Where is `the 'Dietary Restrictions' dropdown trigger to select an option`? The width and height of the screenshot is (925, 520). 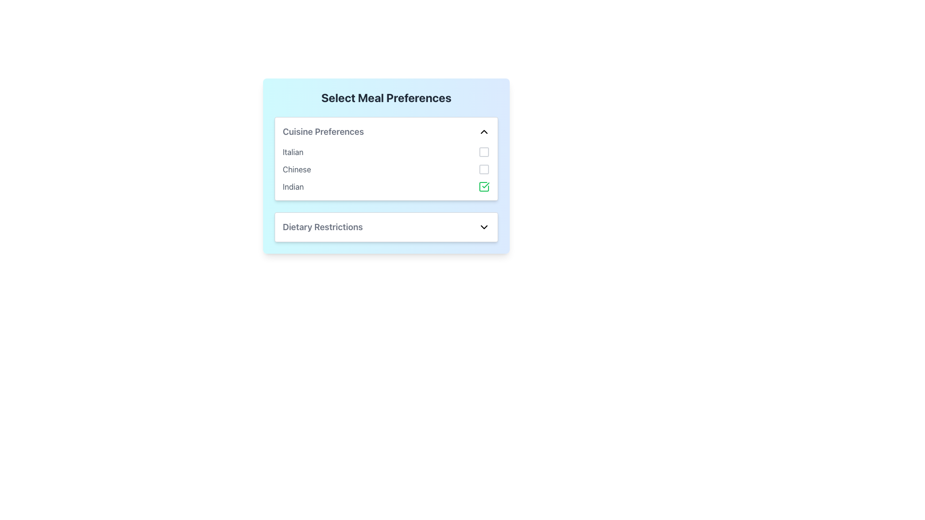 the 'Dietary Restrictions' dropdown trigger to select an option is located at coordinates (386, 227).